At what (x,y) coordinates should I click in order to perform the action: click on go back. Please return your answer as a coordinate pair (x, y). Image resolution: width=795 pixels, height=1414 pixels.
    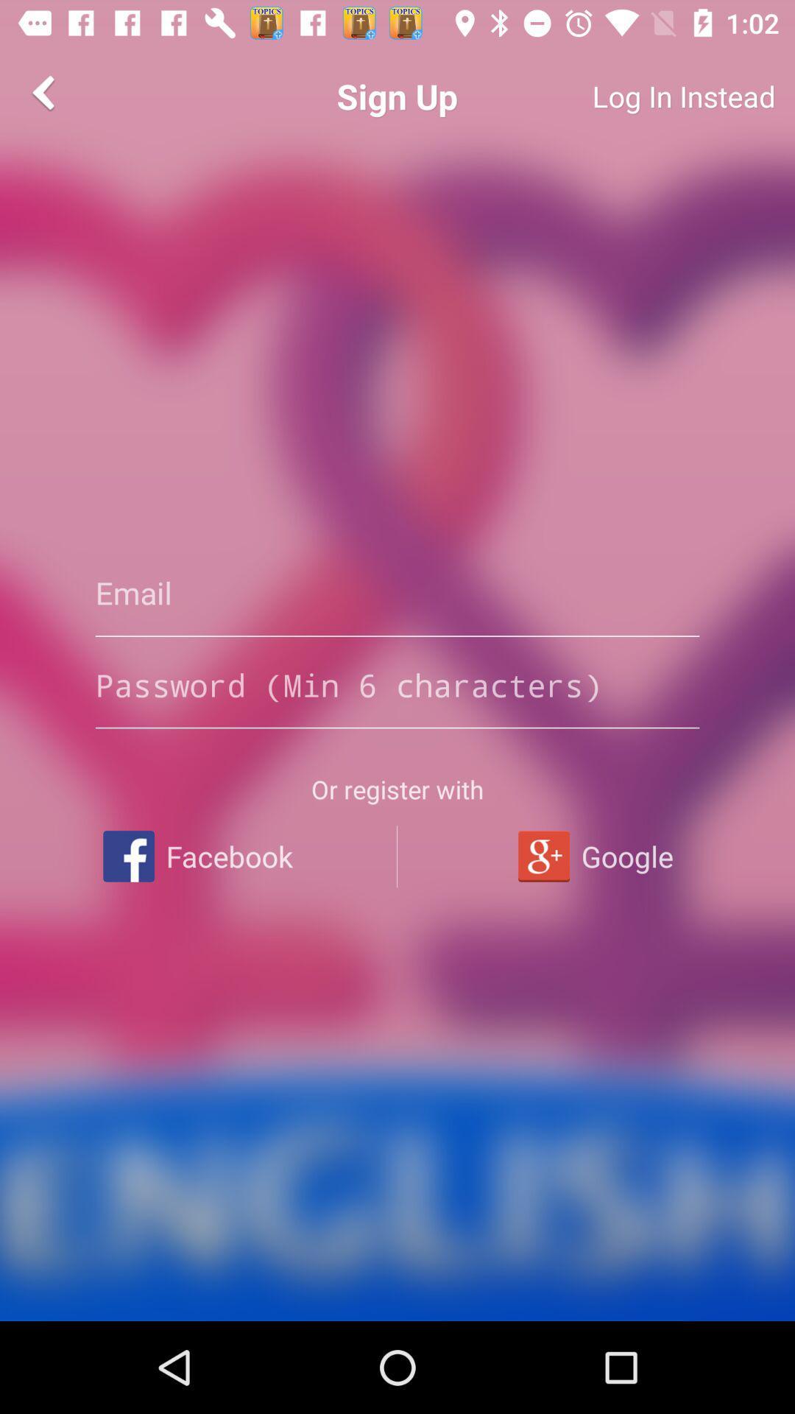
    Looking at the image, I should click on (45, 91).